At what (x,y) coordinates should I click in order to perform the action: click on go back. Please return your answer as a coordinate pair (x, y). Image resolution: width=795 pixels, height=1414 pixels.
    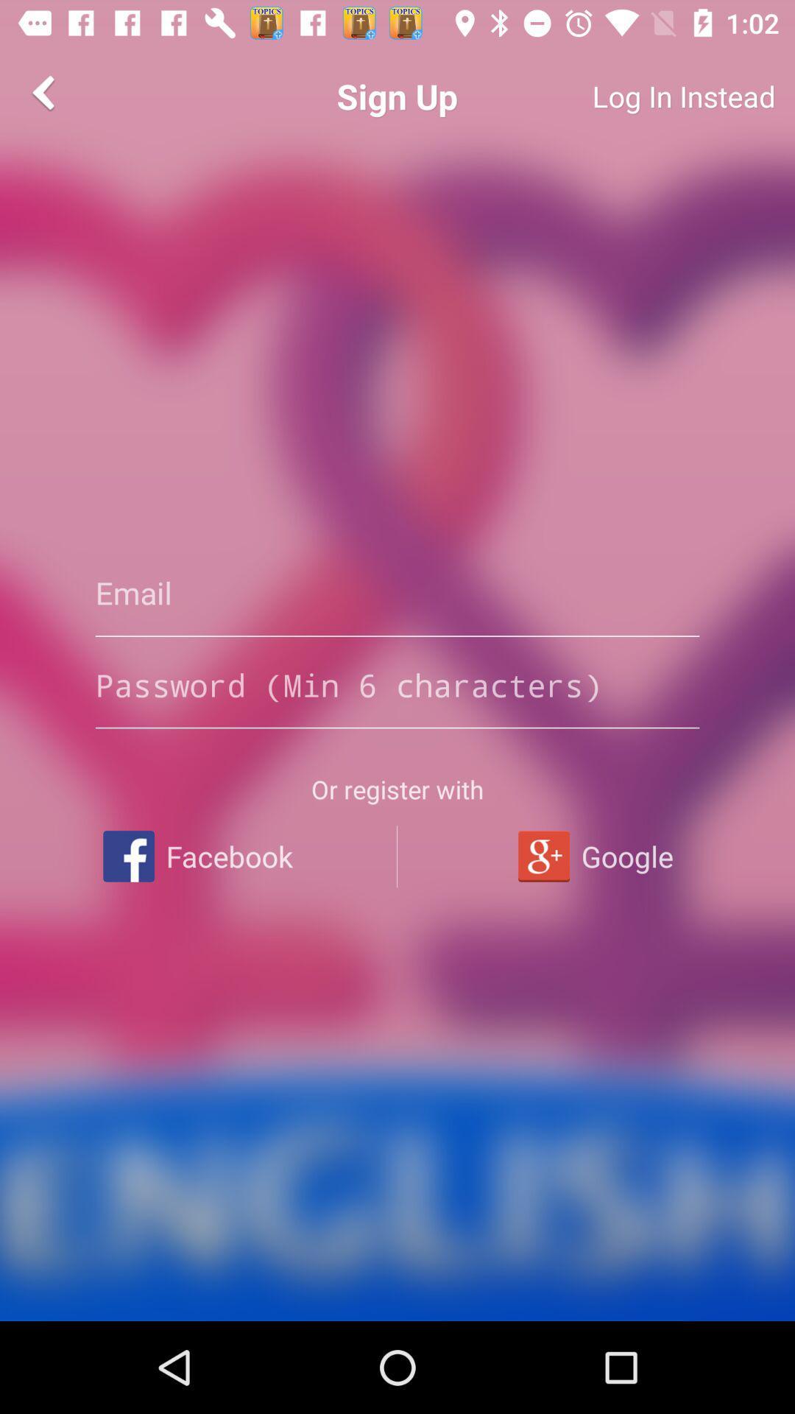
    Looking at the image, I should click on (45, 91).